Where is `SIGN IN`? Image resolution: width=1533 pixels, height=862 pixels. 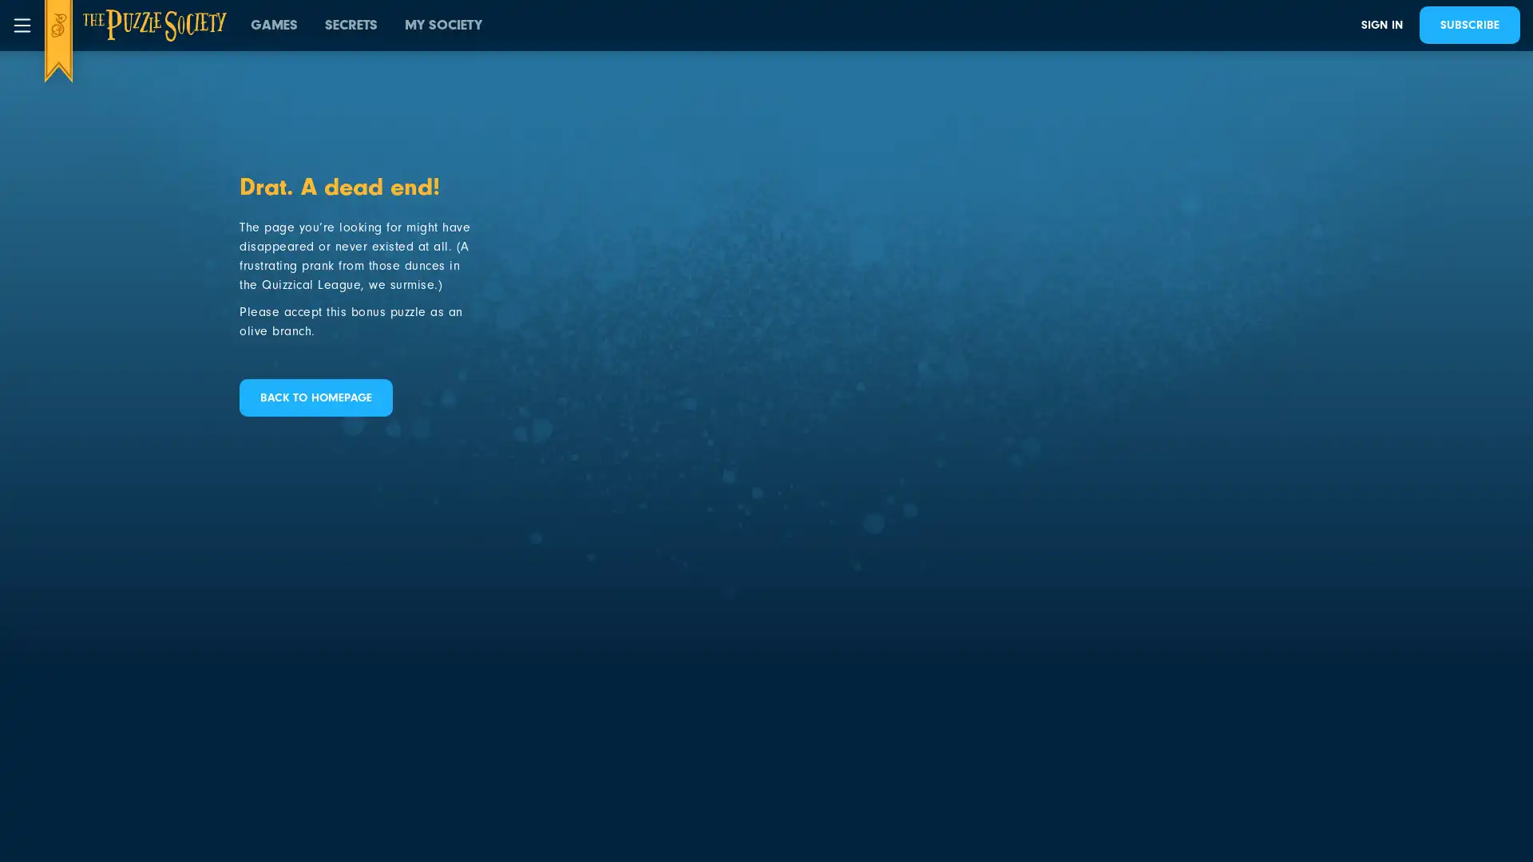
SIGN IN is located at coordinates (1381, 25).